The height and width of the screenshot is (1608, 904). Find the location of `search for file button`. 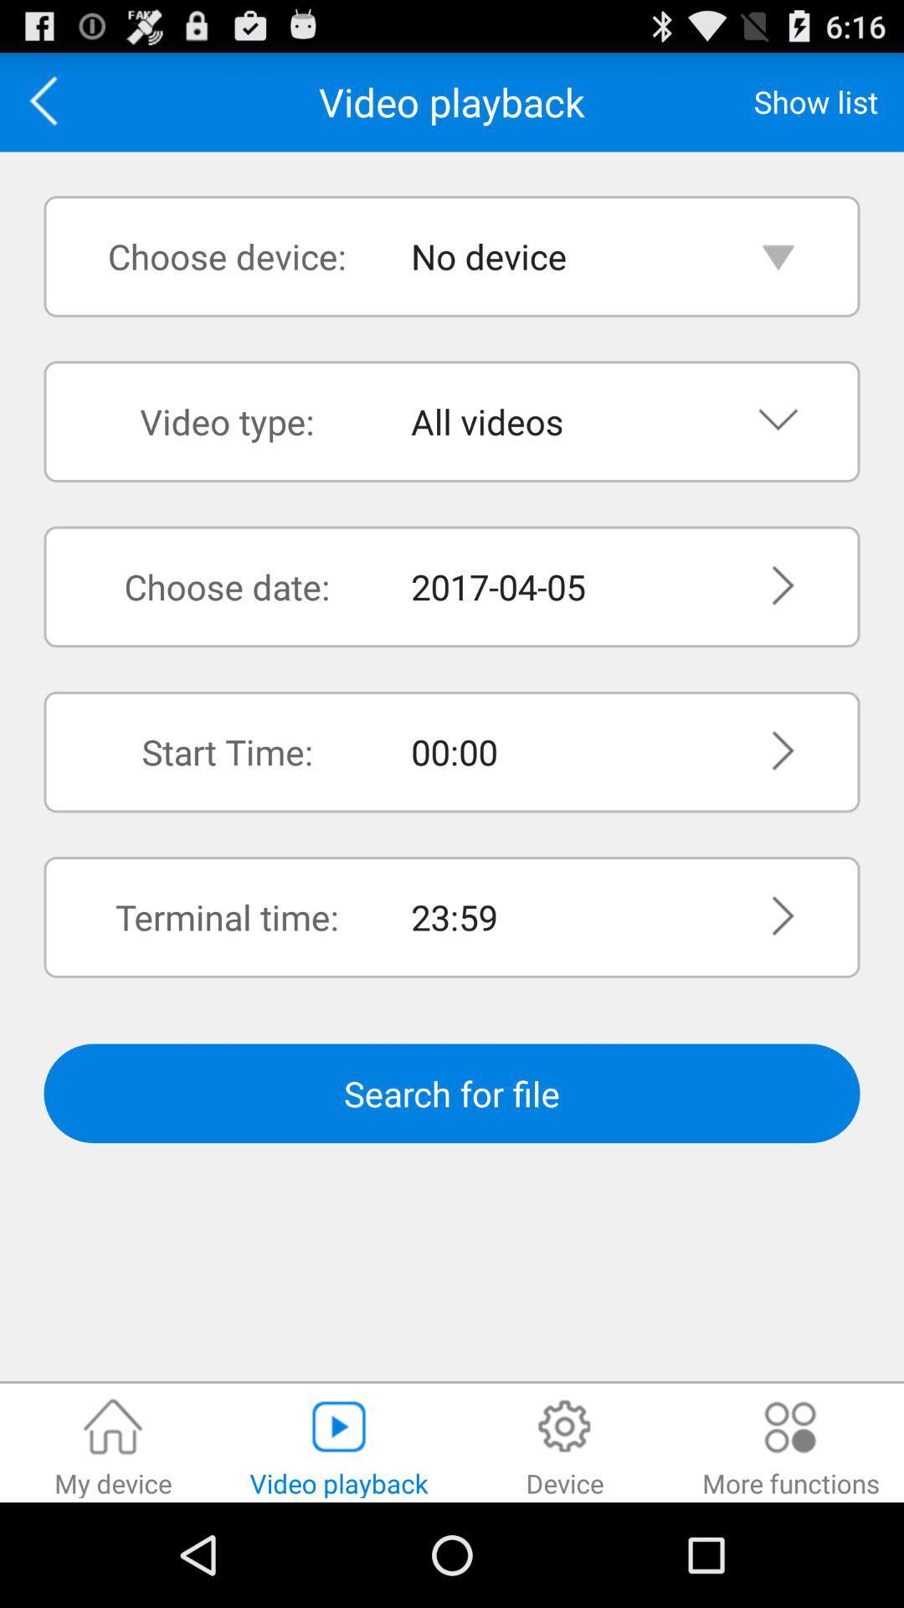

search for file button is located at coordinates (452, 1093).